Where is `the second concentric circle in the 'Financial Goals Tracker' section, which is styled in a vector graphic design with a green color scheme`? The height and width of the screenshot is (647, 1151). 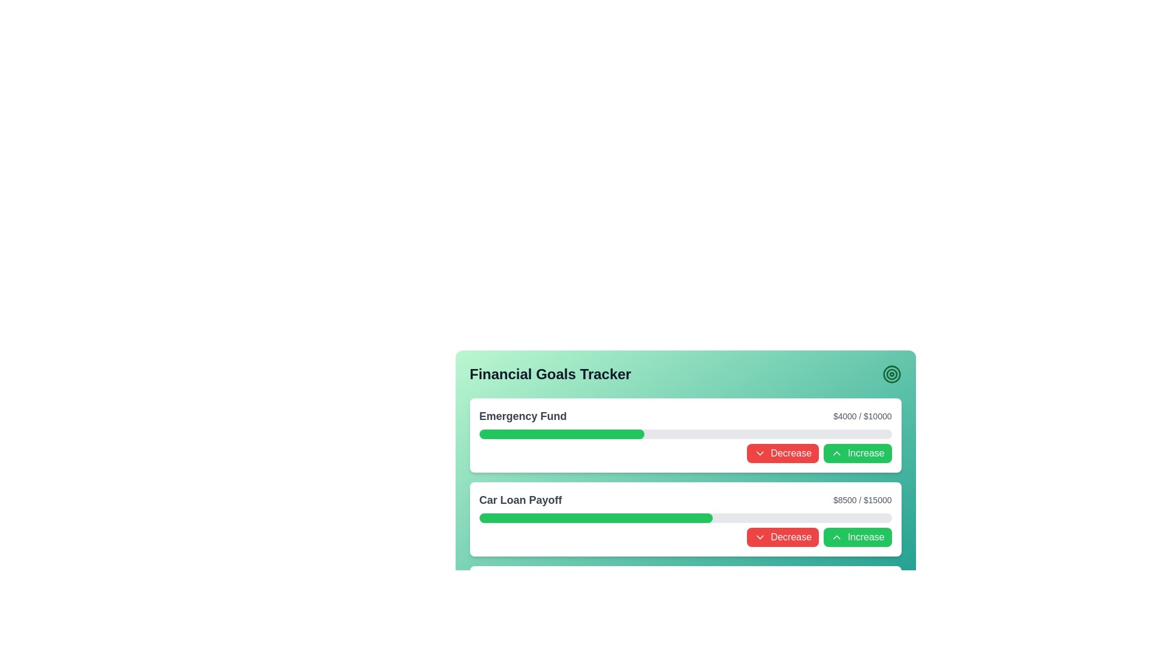
the second concentric circle in the 'Financial Goals Tracker' section, which is styled in a vector graphic design with a green color scheme is located at coordinates (891, 373).